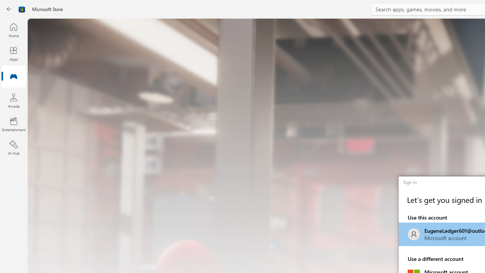  Describe the element at coordinates (13, 53) in the screenshot. I see `'Apps'` at that location.